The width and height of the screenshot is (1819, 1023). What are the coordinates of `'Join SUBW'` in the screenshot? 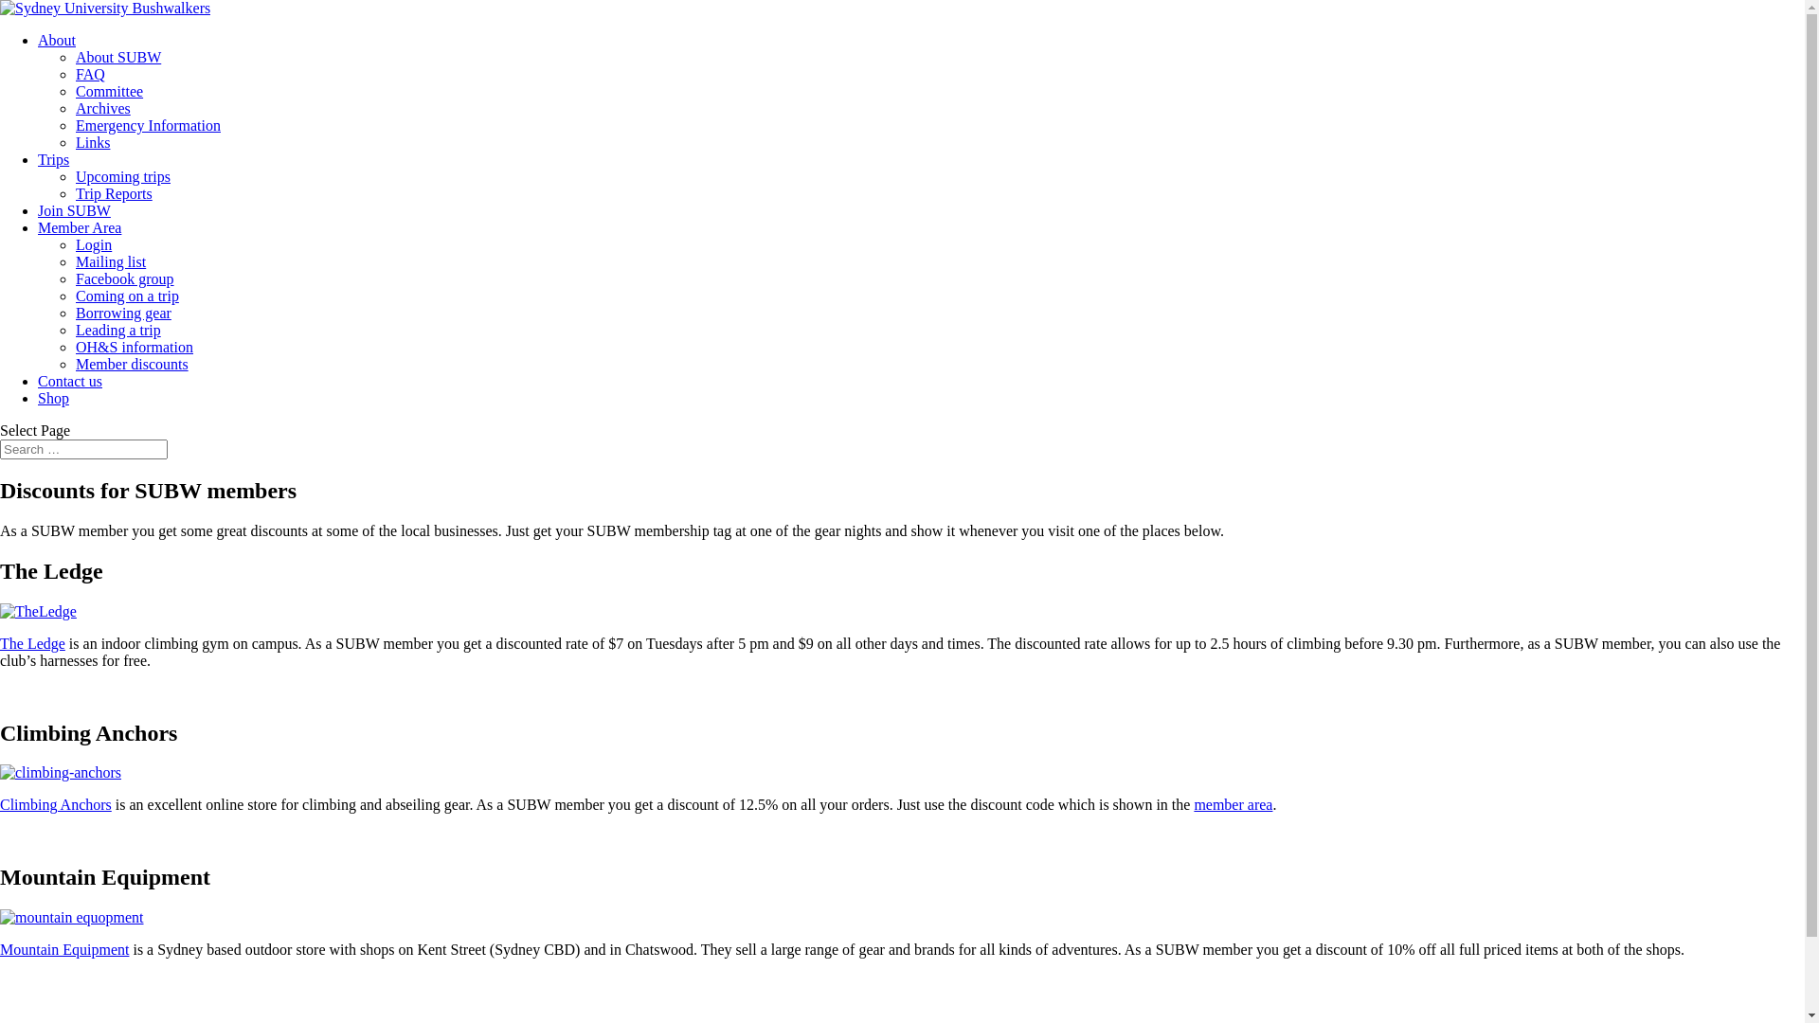 It's located at (74, 210).